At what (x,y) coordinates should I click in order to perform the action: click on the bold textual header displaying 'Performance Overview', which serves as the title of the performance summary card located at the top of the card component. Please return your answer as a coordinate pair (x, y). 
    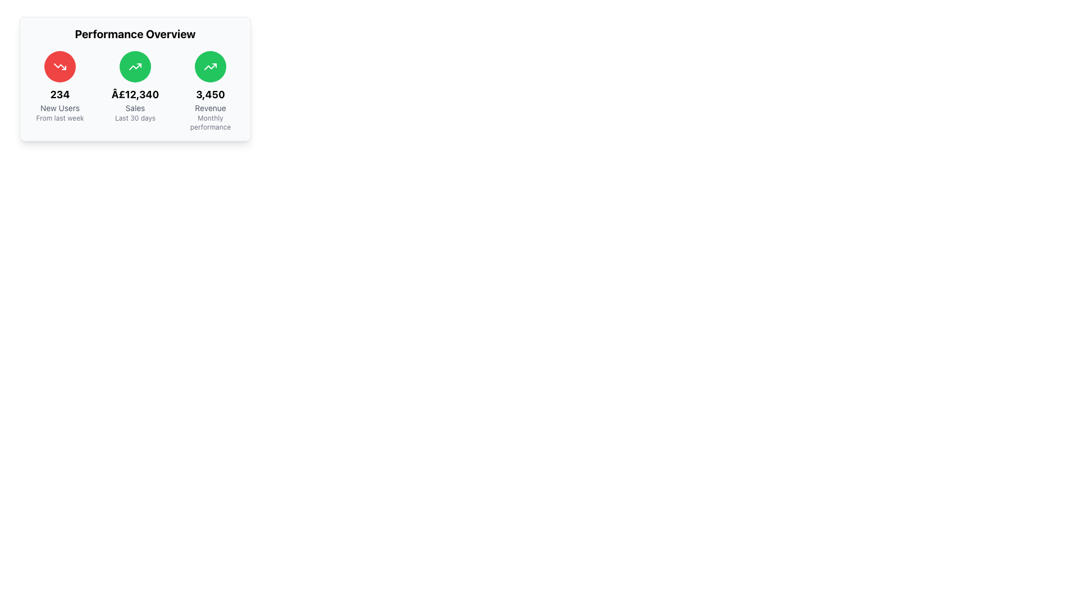
    Looking at the image, I should click on (135, 34).